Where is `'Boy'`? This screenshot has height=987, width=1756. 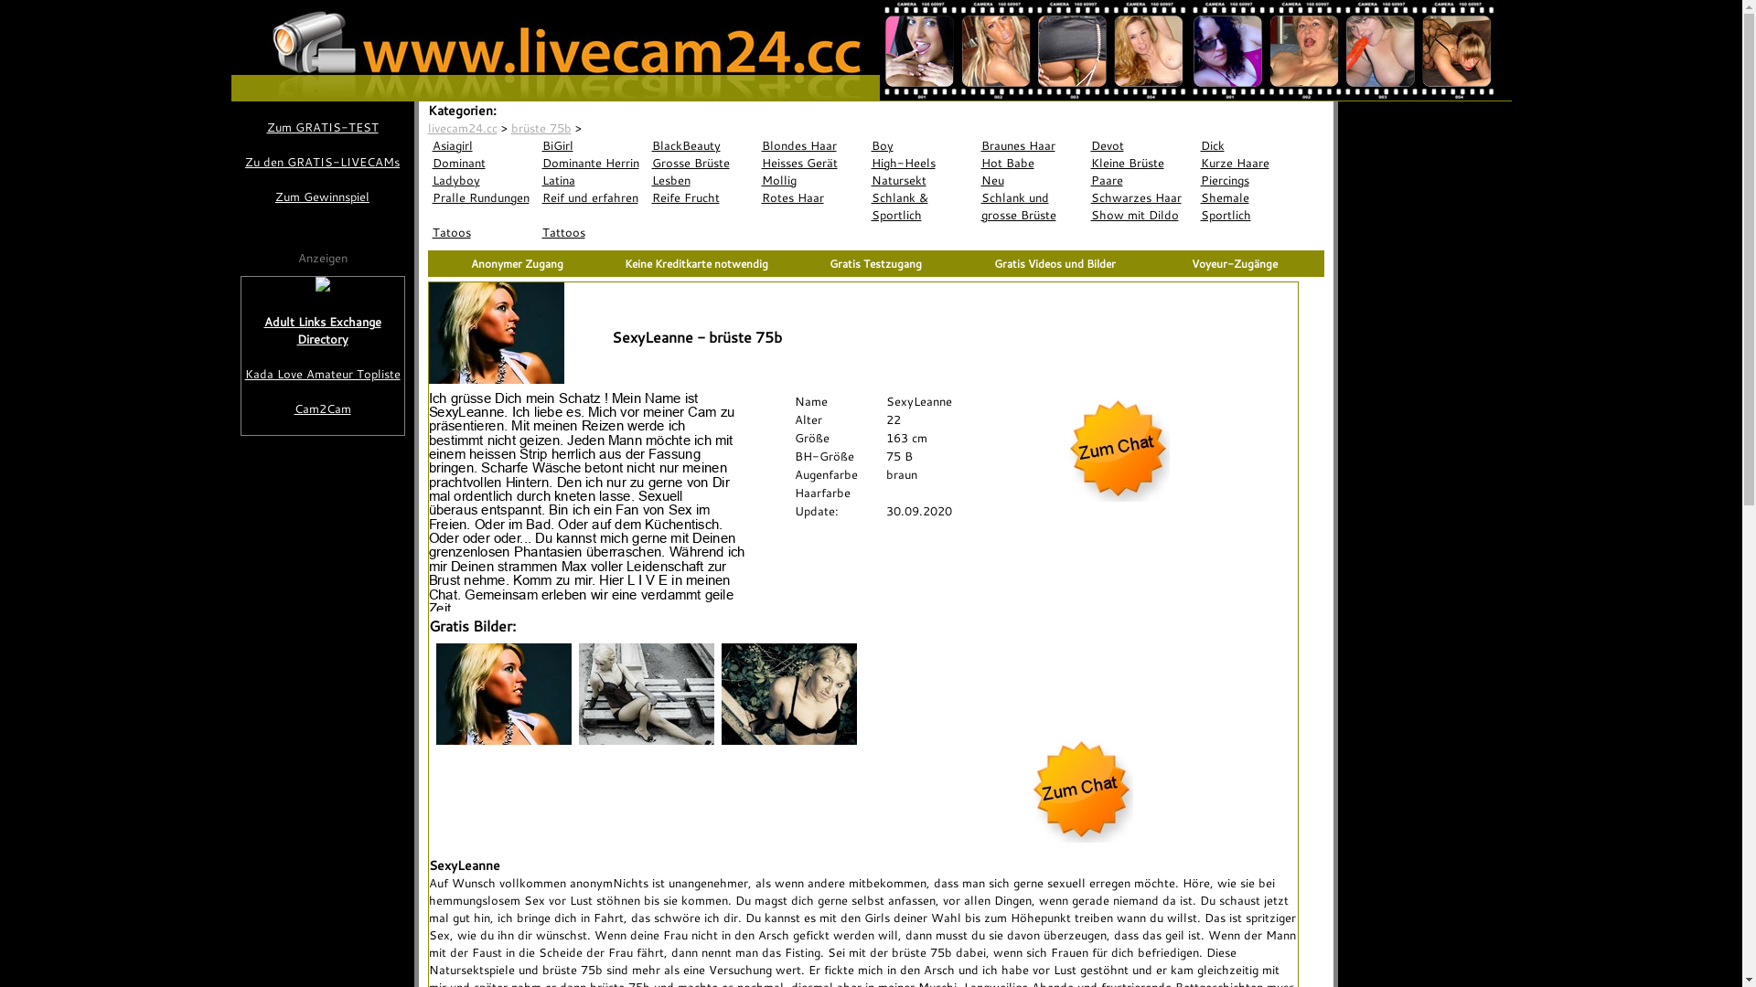
'Boy' is located at coordinates (922, 144).